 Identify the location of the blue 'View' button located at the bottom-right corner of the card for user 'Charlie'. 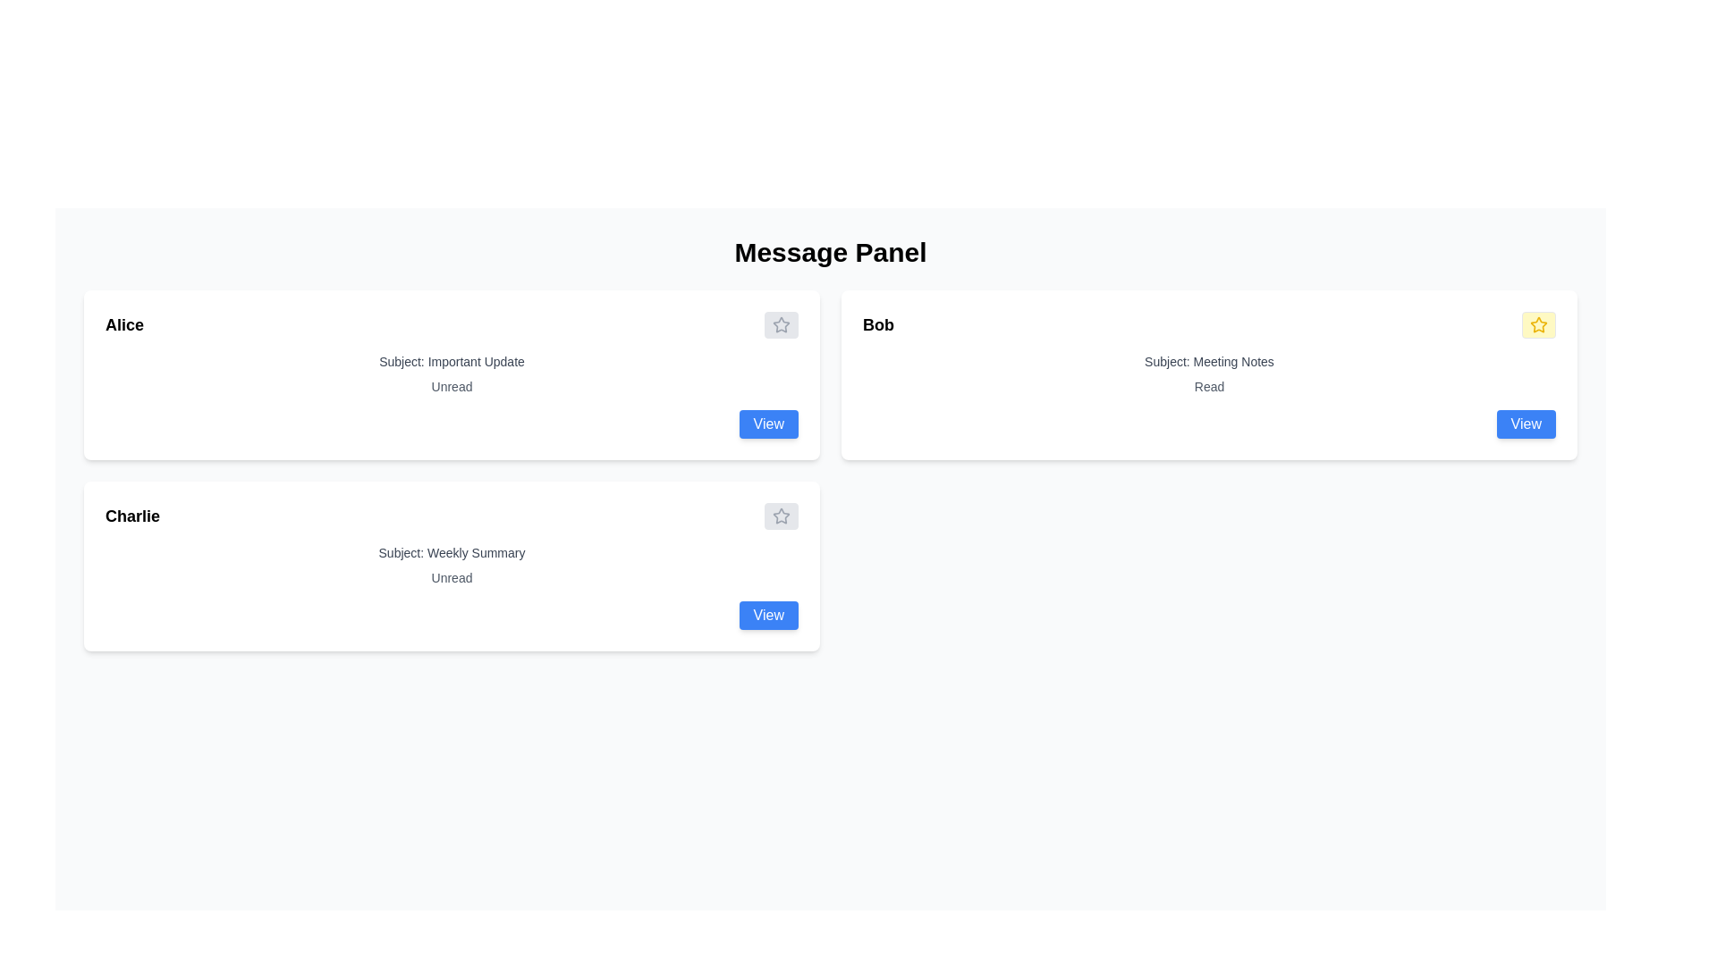
(768, 615).